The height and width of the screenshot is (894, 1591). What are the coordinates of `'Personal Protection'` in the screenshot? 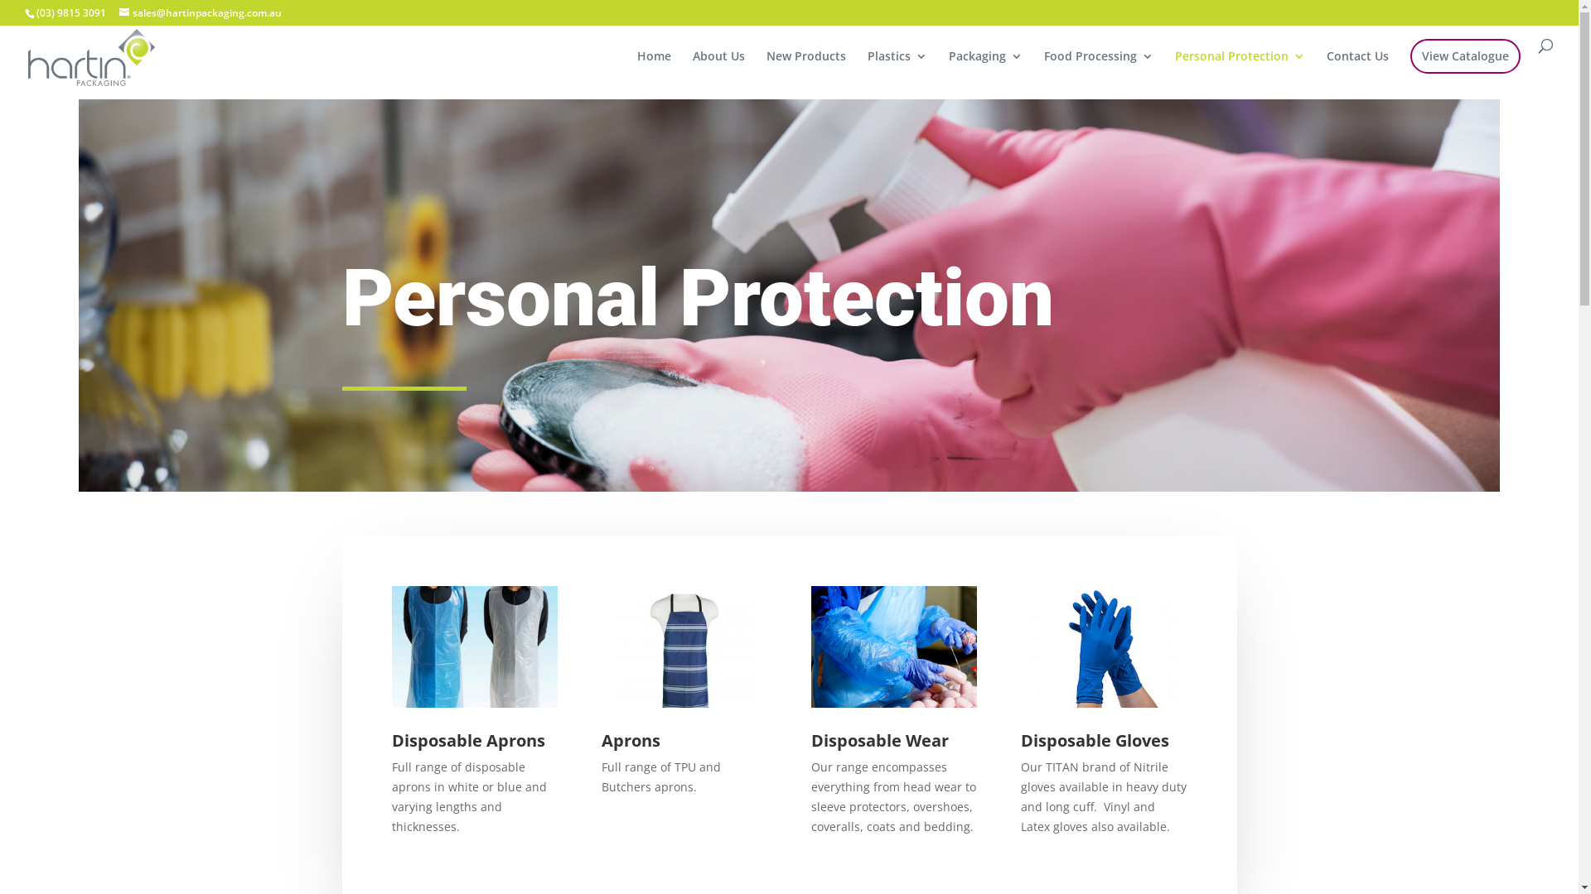 It's located at (1240, 69).